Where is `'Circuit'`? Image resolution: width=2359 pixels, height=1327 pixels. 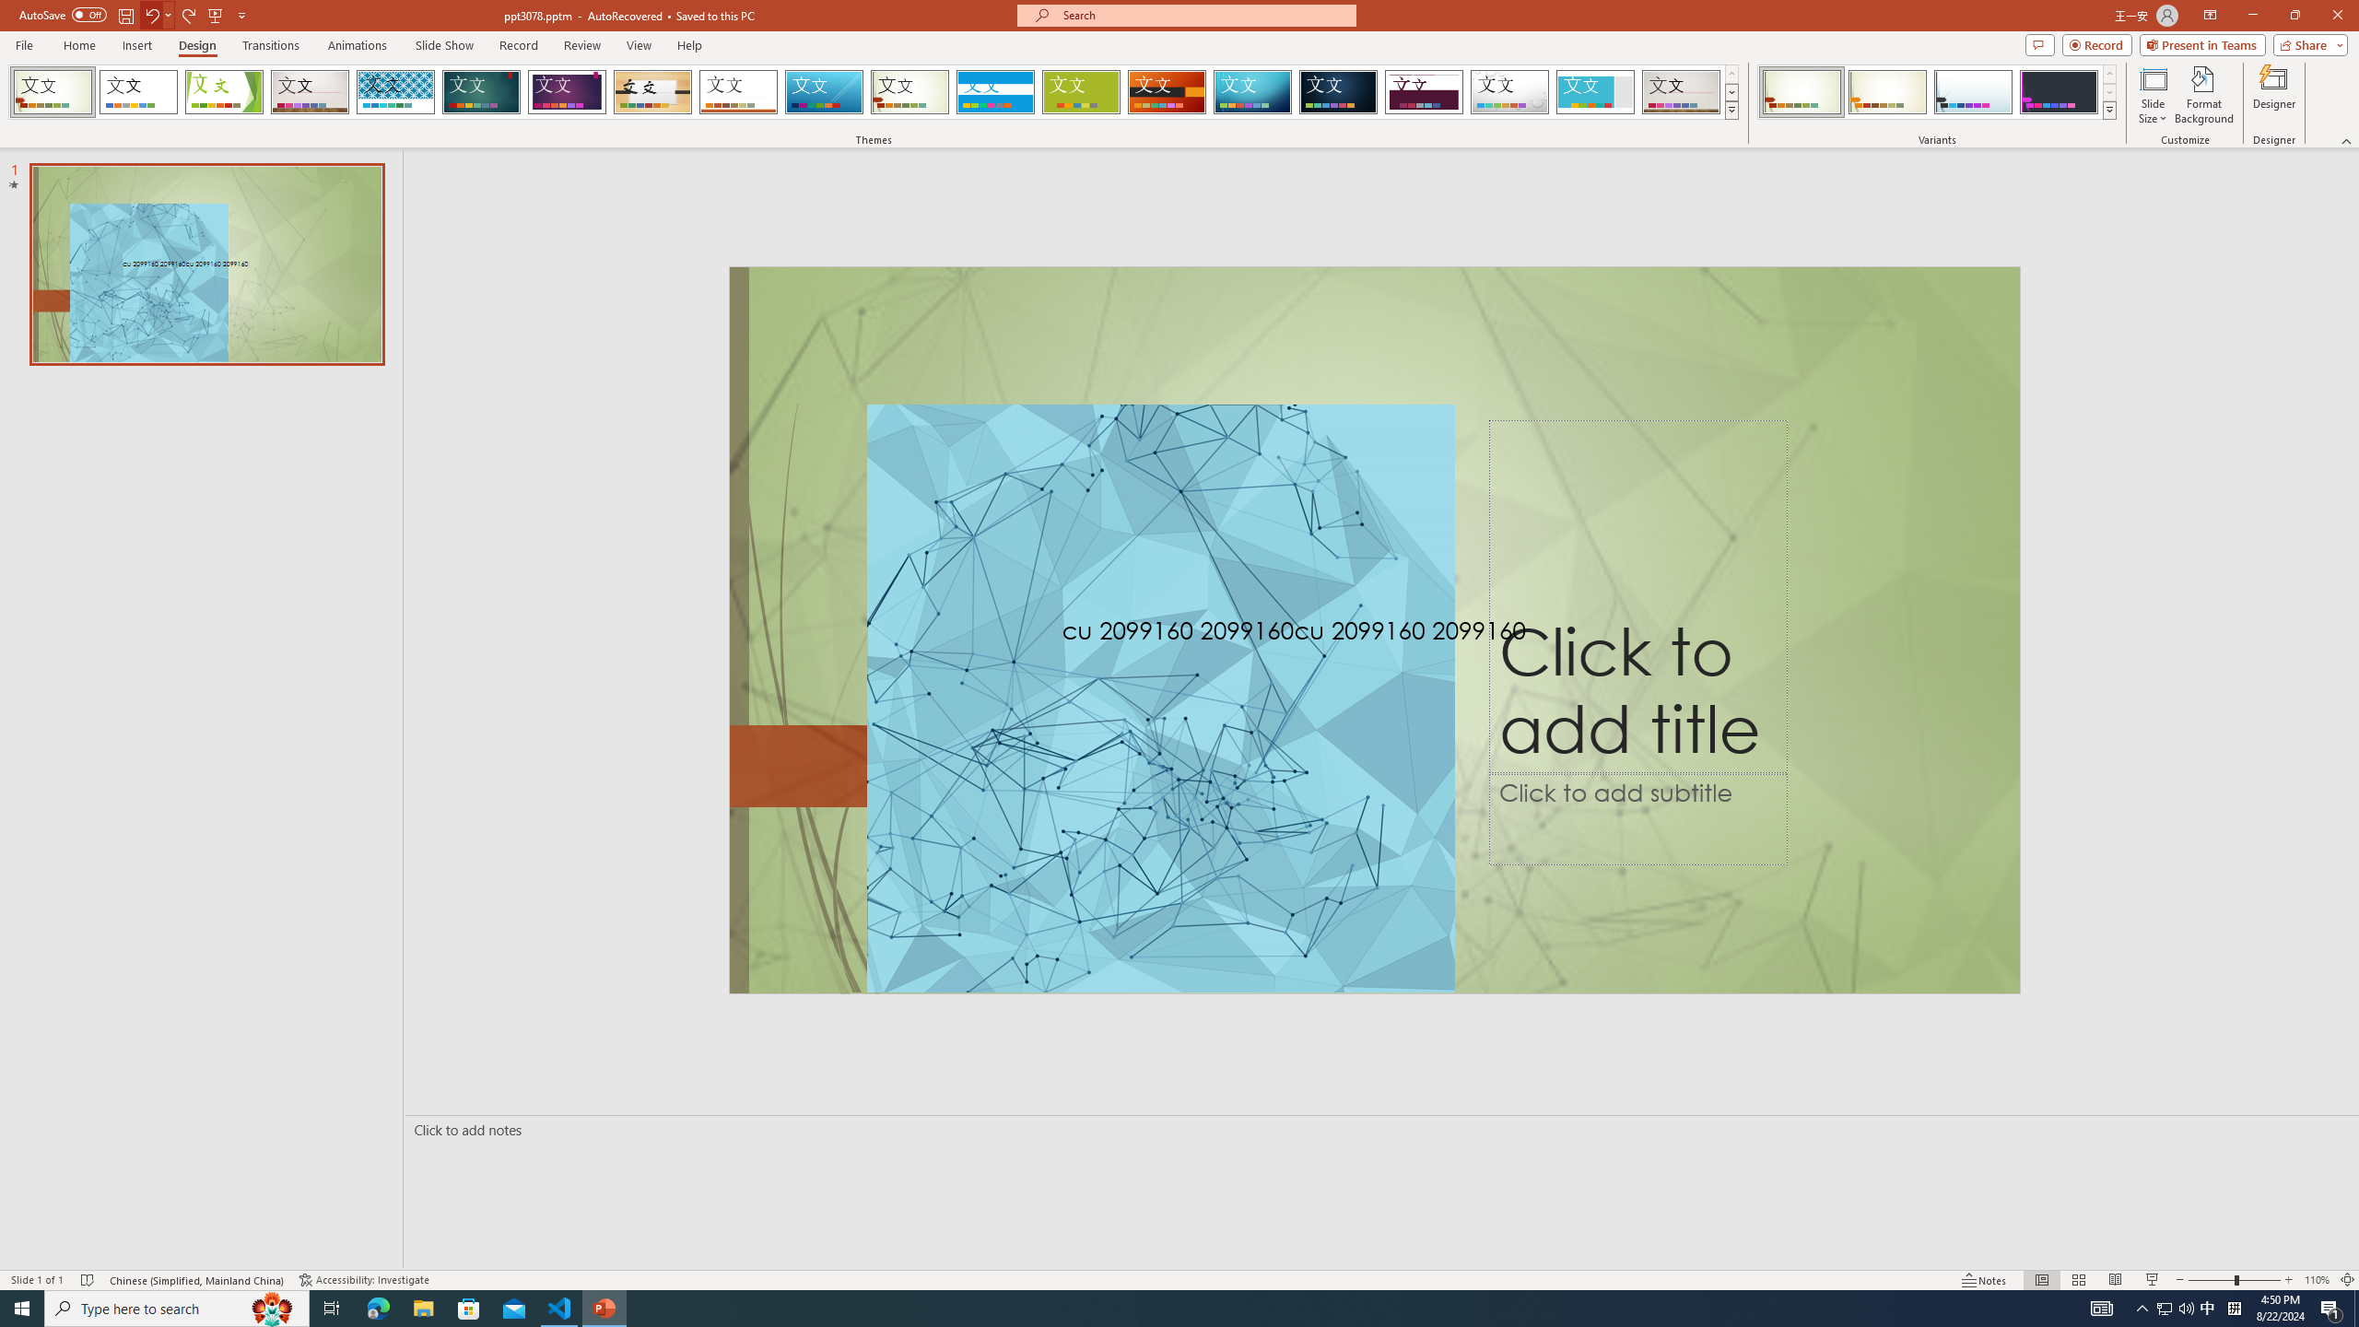
'Circuit' is located at coordinates (1251, 91).